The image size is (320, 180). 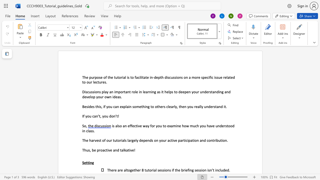 I want to click on the space between the continuous character "i" and "t" in the text, so click(x=142, y=77).